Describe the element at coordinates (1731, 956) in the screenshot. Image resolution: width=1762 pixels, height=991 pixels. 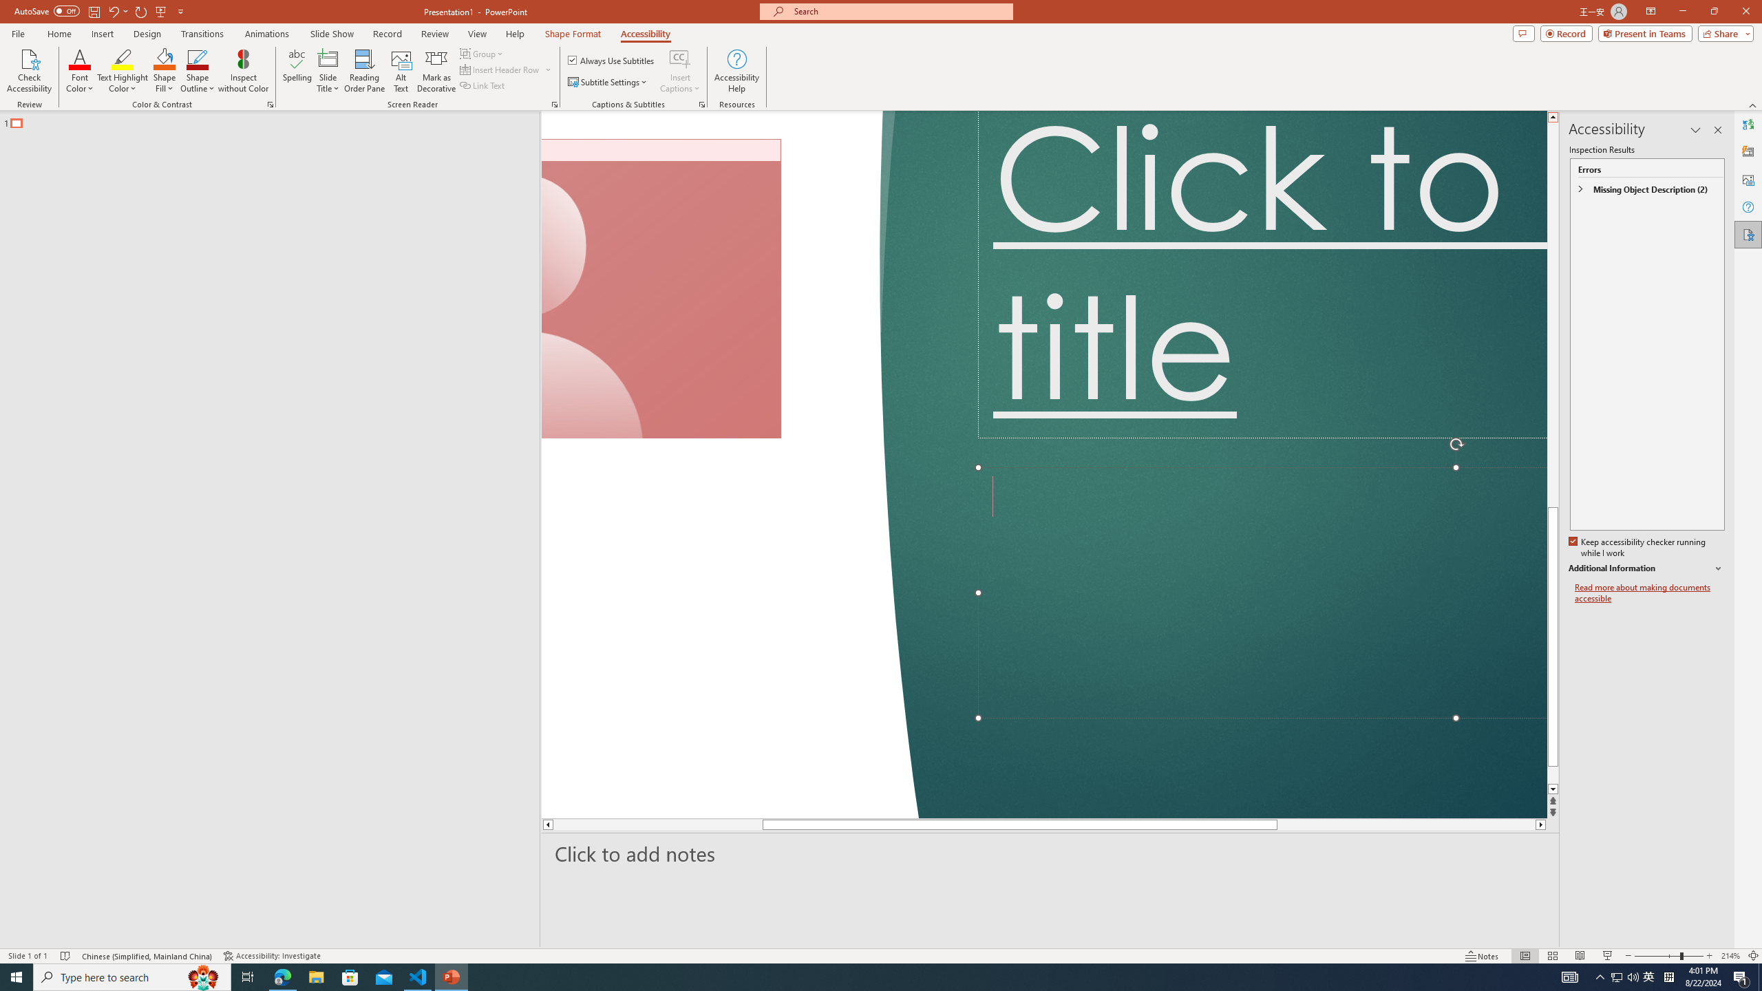
I see `'Zoom 214%'` at that location.